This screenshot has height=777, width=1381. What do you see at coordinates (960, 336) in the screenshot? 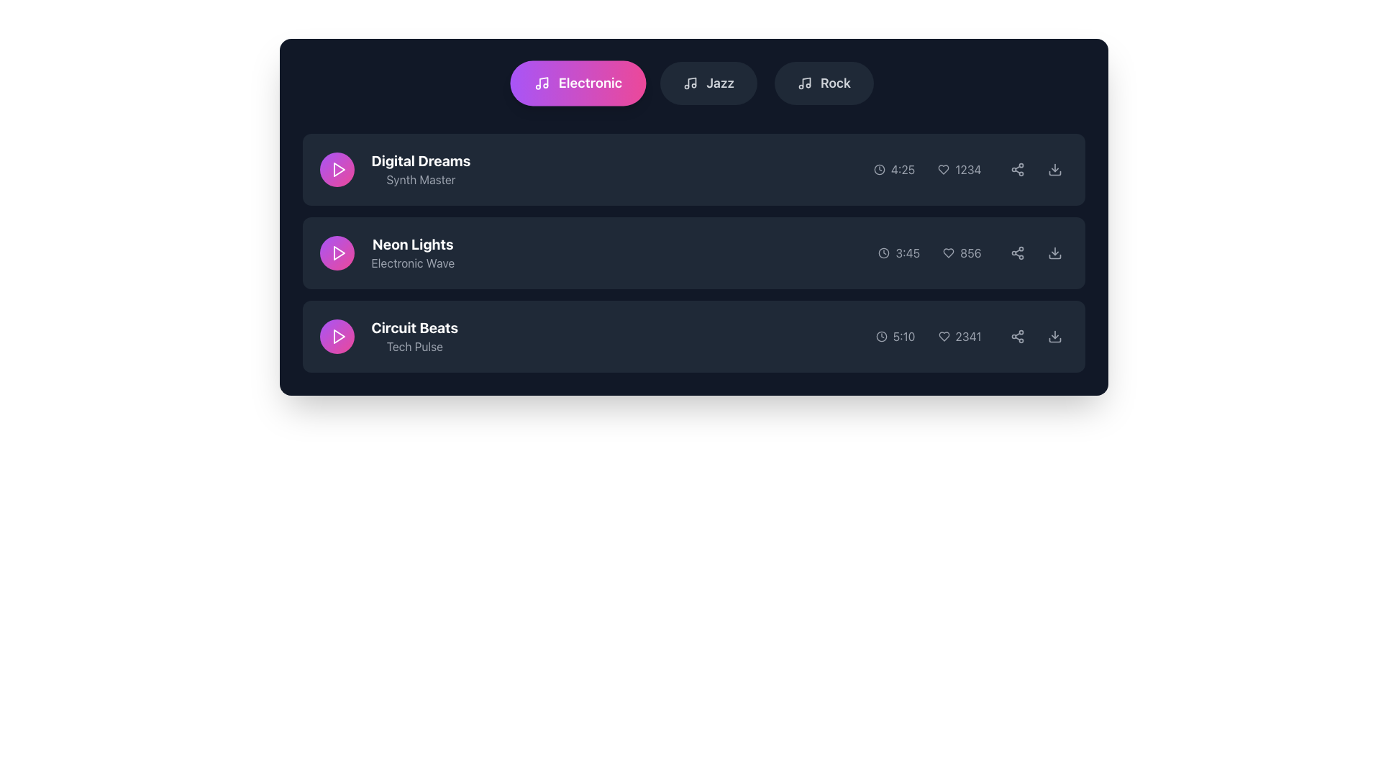
I see `the text label displaying the number of likes or favorites for the music track in the 'Circuit Beats' row, located to the right of the track duration` at bounding box center [960, 336].